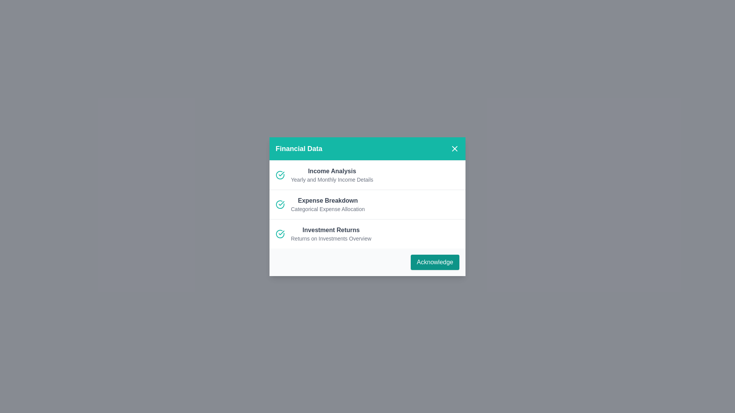 Image resolution: width=735 pixels, height=413 pixels. I want to click on the list item with title Investment Returns, so click(331, 229).